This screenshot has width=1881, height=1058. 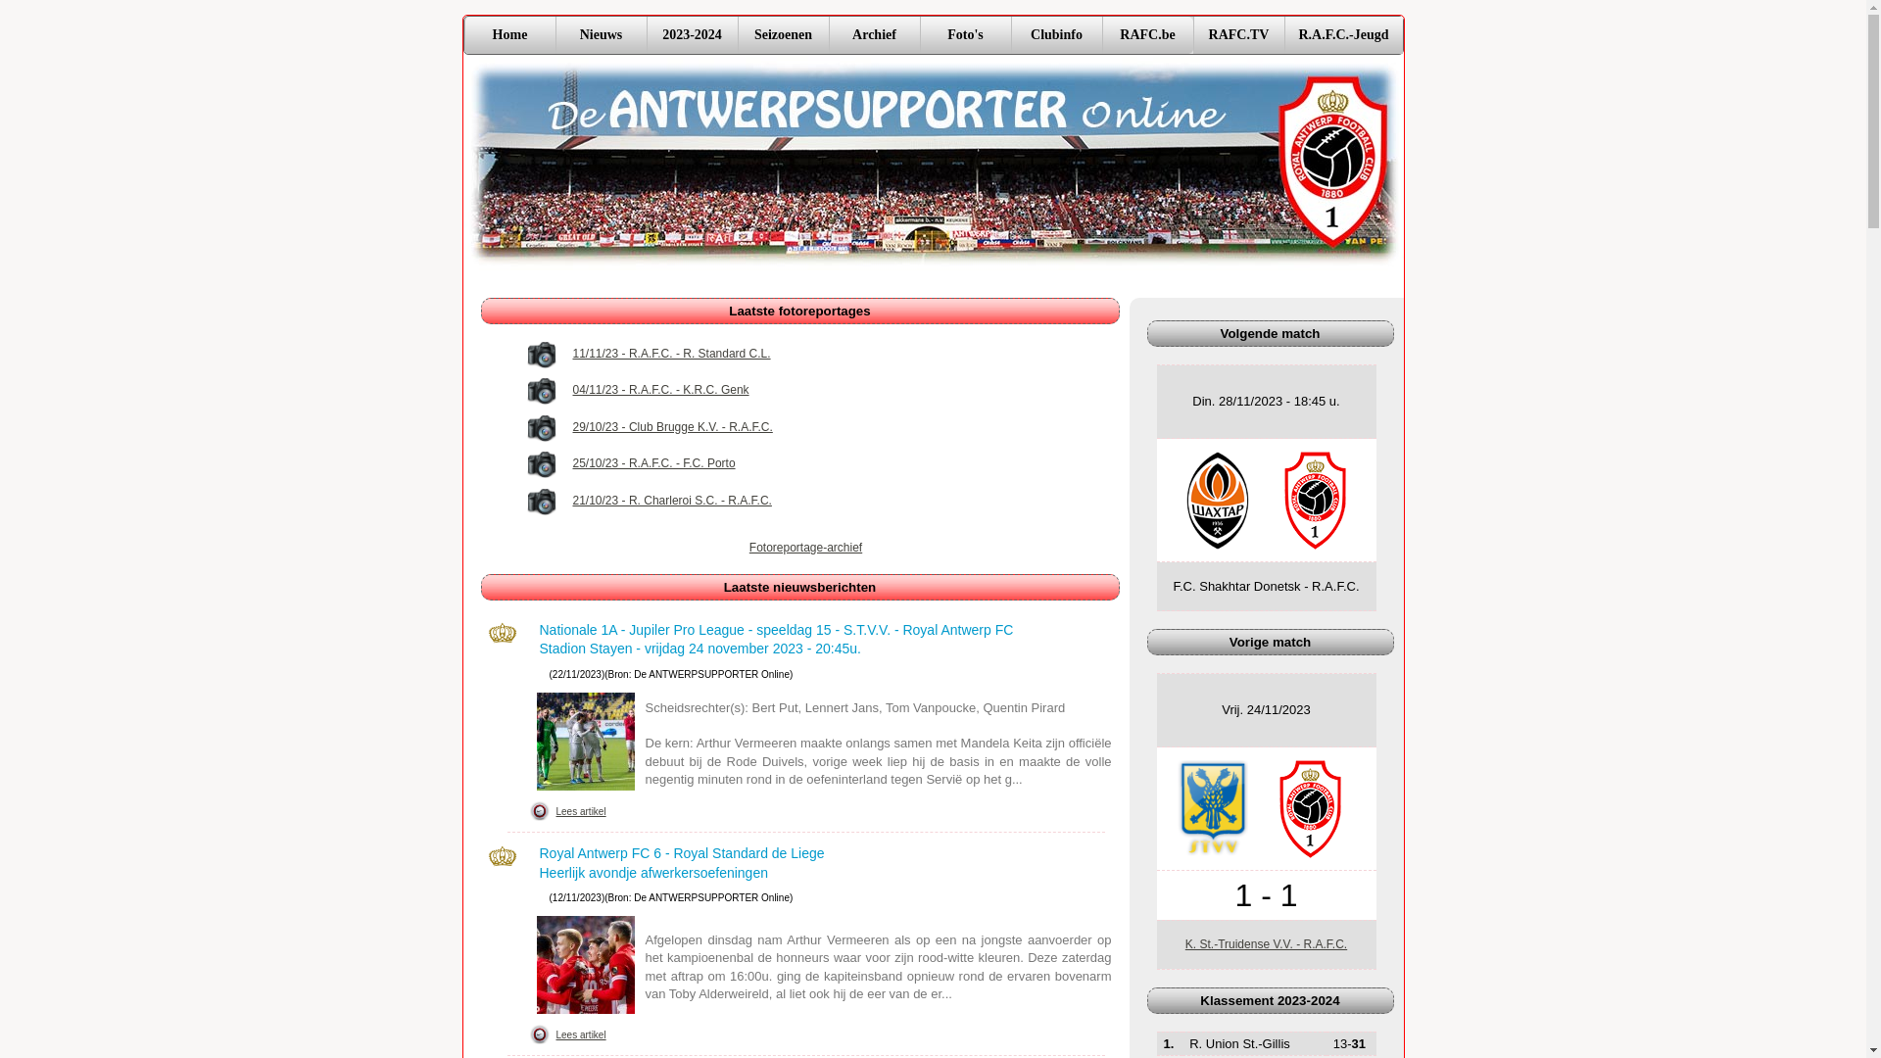 What do you see at coordinates (692, 34) in the screenshot?
I see `'2023-2024'` at bounding box center [692, 34].